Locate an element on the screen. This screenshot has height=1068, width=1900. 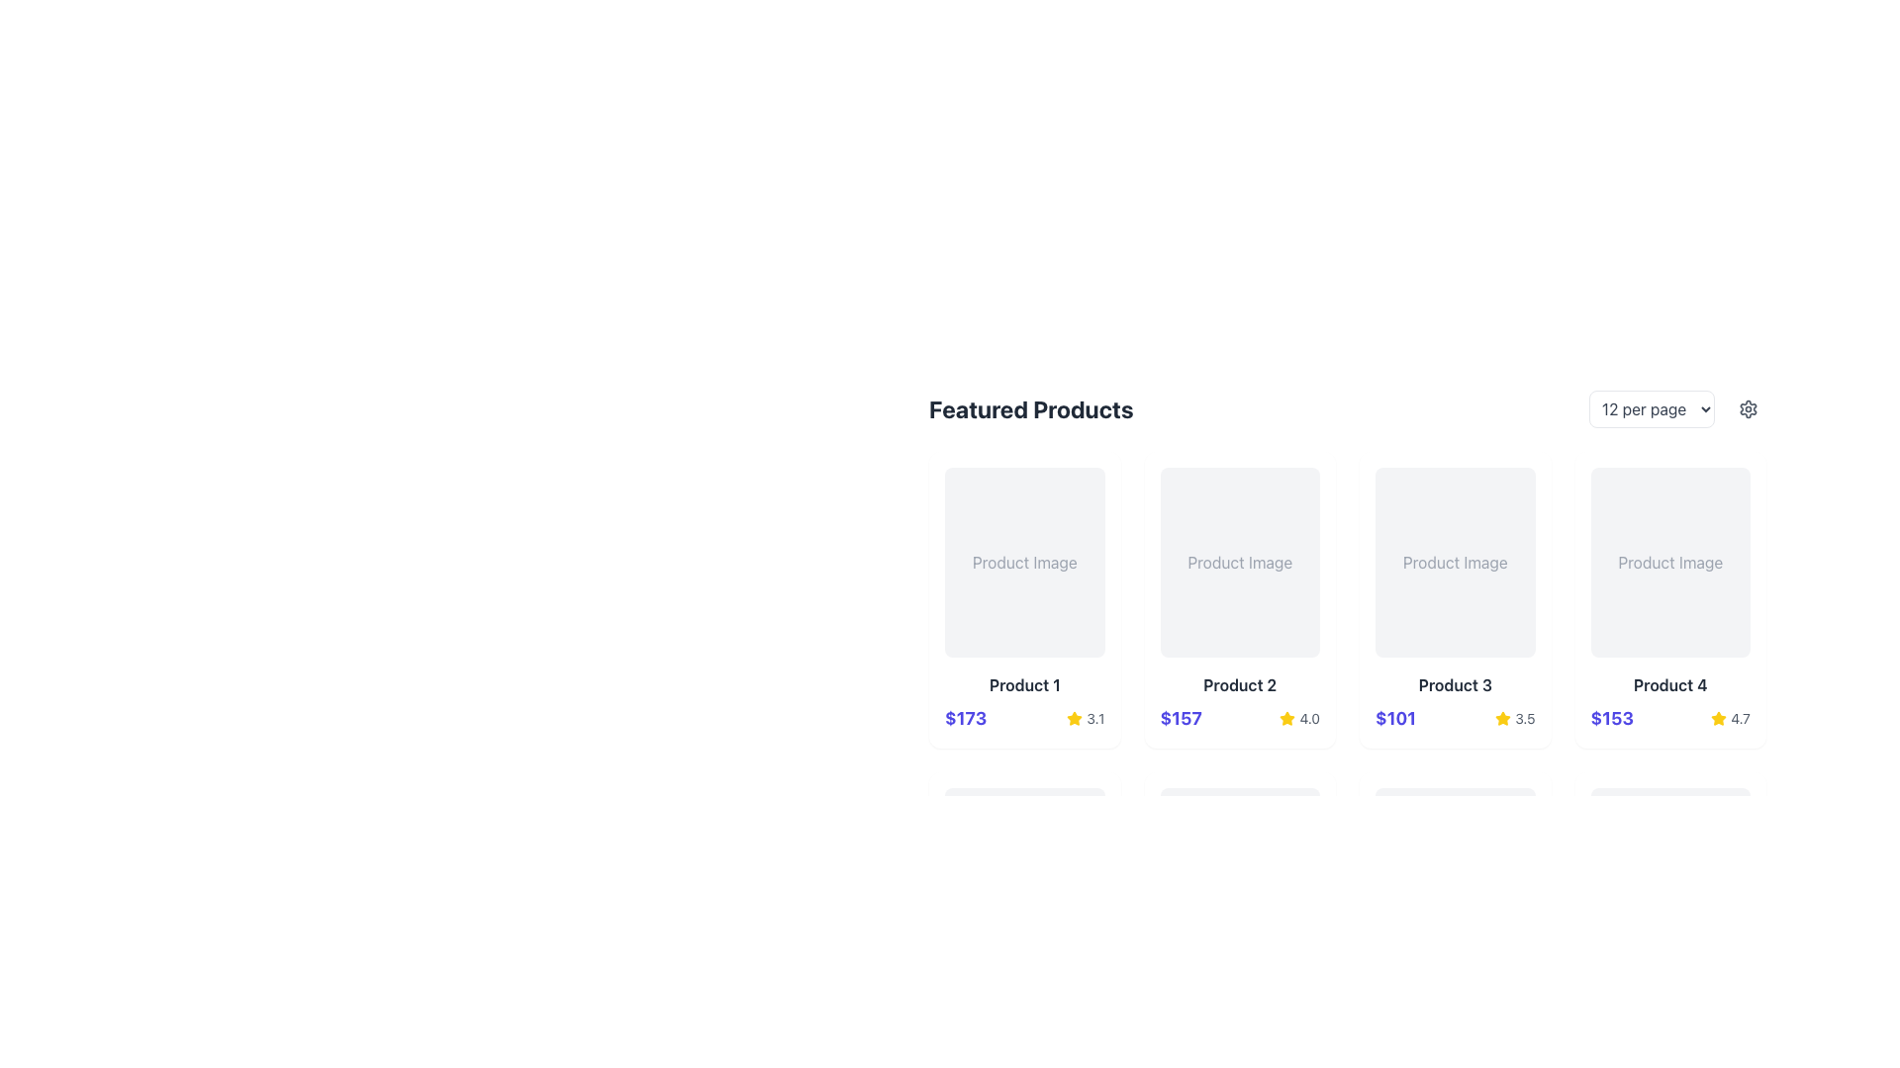
text content of the bold text label displaying 'Product 4', located in the bottom section of the fourth product card, directly below the image placeholder is located at coordinates (1669, 684).